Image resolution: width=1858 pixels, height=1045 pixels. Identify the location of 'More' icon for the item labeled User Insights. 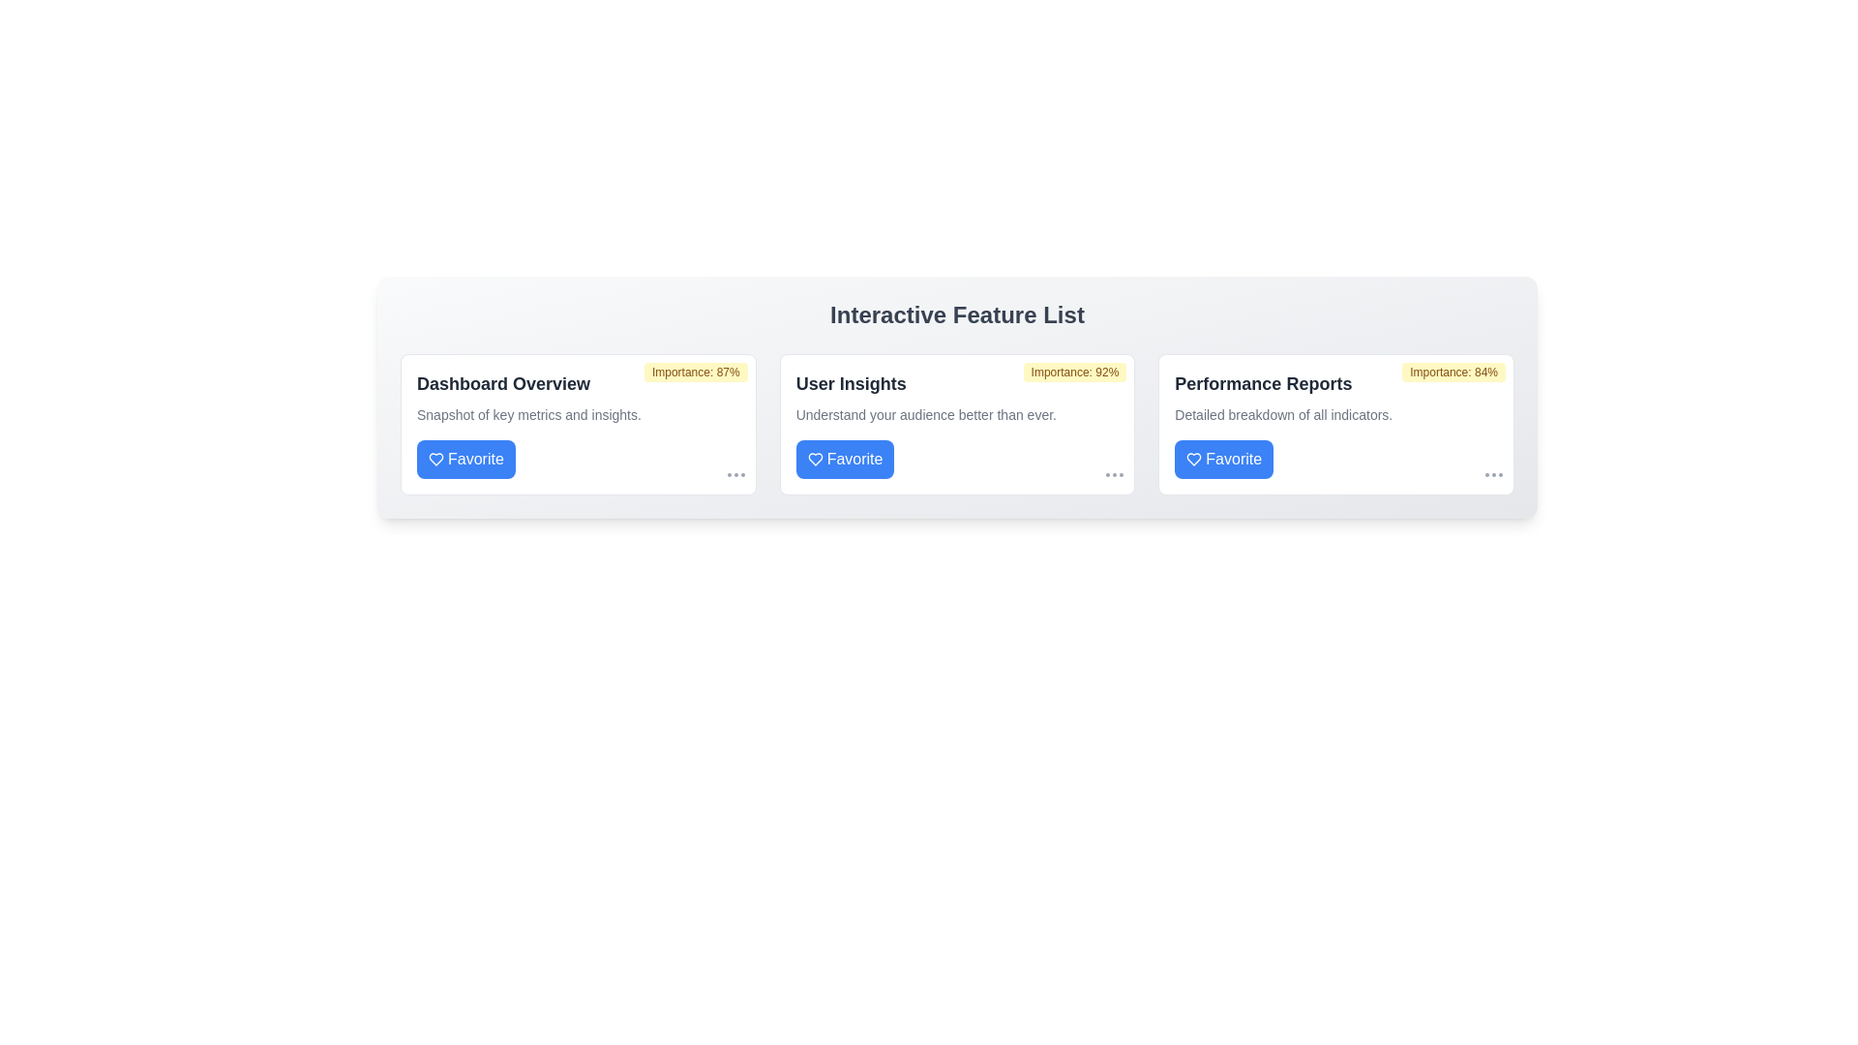
(1115, 474).